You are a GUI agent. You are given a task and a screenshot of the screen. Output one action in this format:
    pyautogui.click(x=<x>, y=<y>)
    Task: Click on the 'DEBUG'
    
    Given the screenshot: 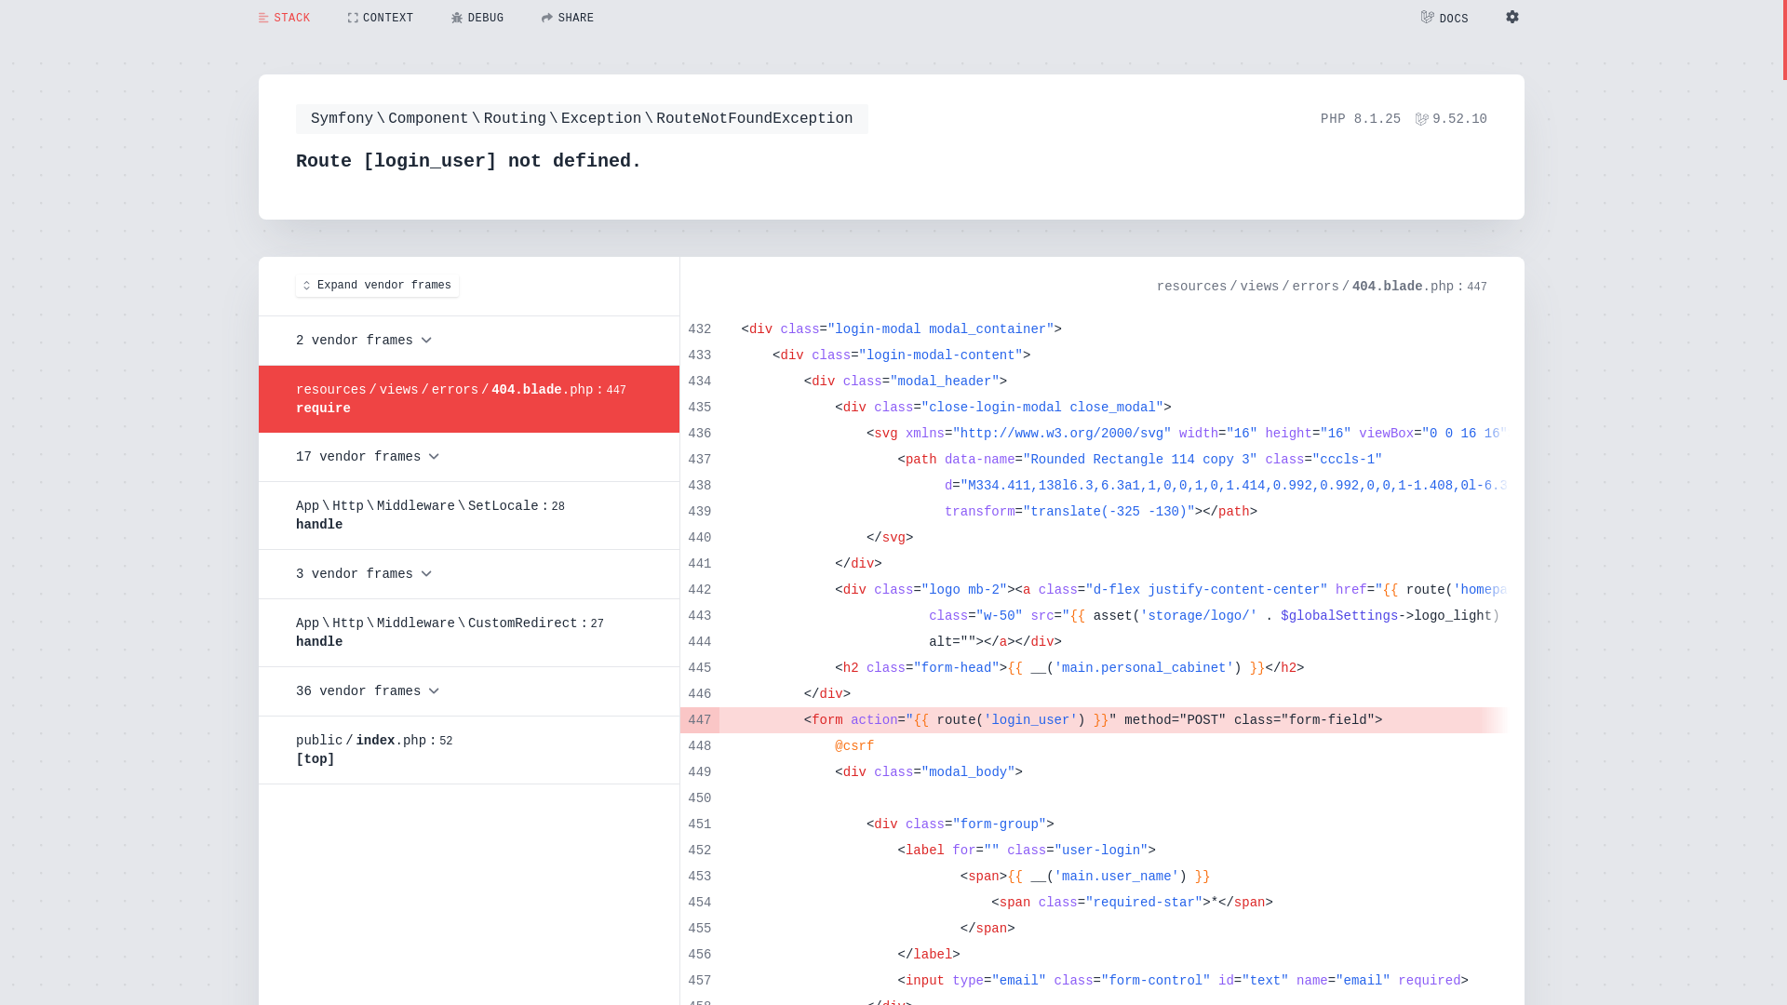 What is the action you would take?
    pyautogui.click(x=477, y=18)
    